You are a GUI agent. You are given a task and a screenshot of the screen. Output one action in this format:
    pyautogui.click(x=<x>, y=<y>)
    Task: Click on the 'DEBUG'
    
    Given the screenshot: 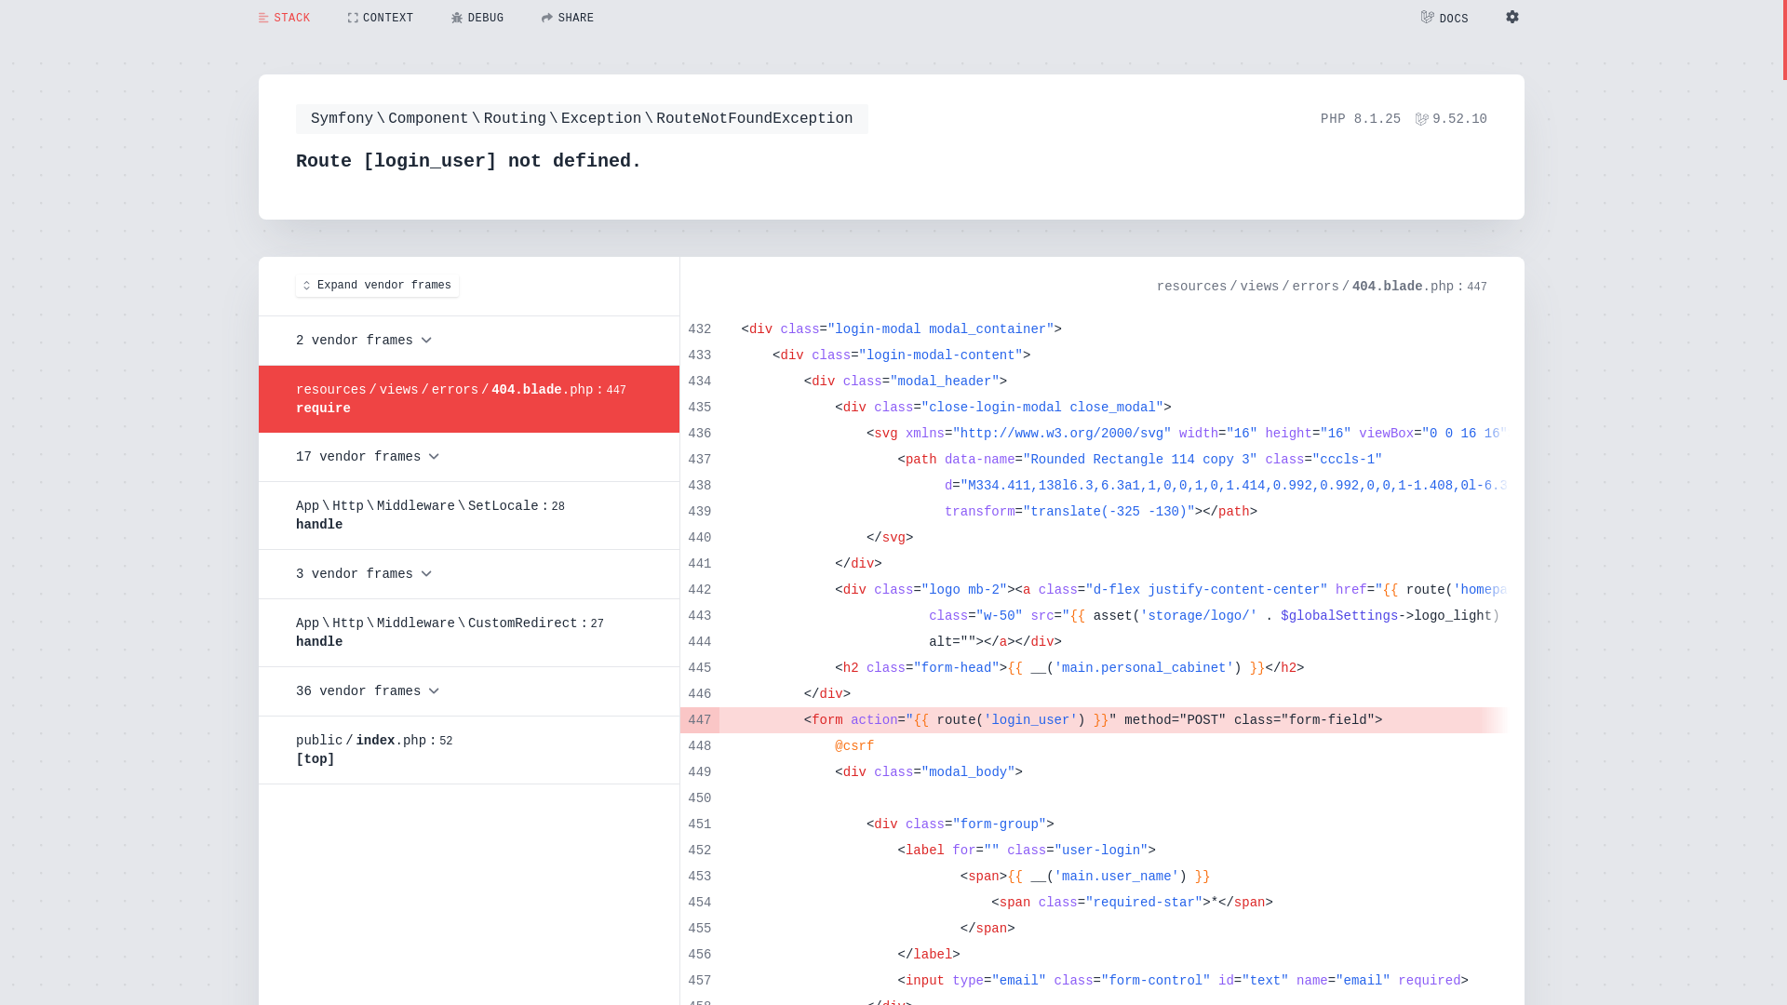 What is the action you would take?
    pyautogui.click(x=477, y=18)
    